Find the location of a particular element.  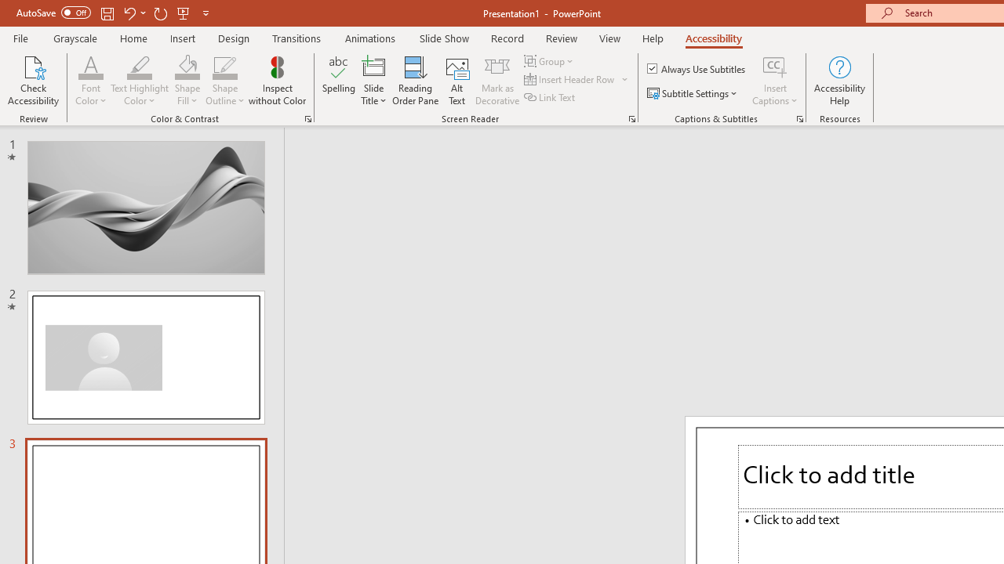

'Always Use Subtitles' is located at coordinates (697, 67).